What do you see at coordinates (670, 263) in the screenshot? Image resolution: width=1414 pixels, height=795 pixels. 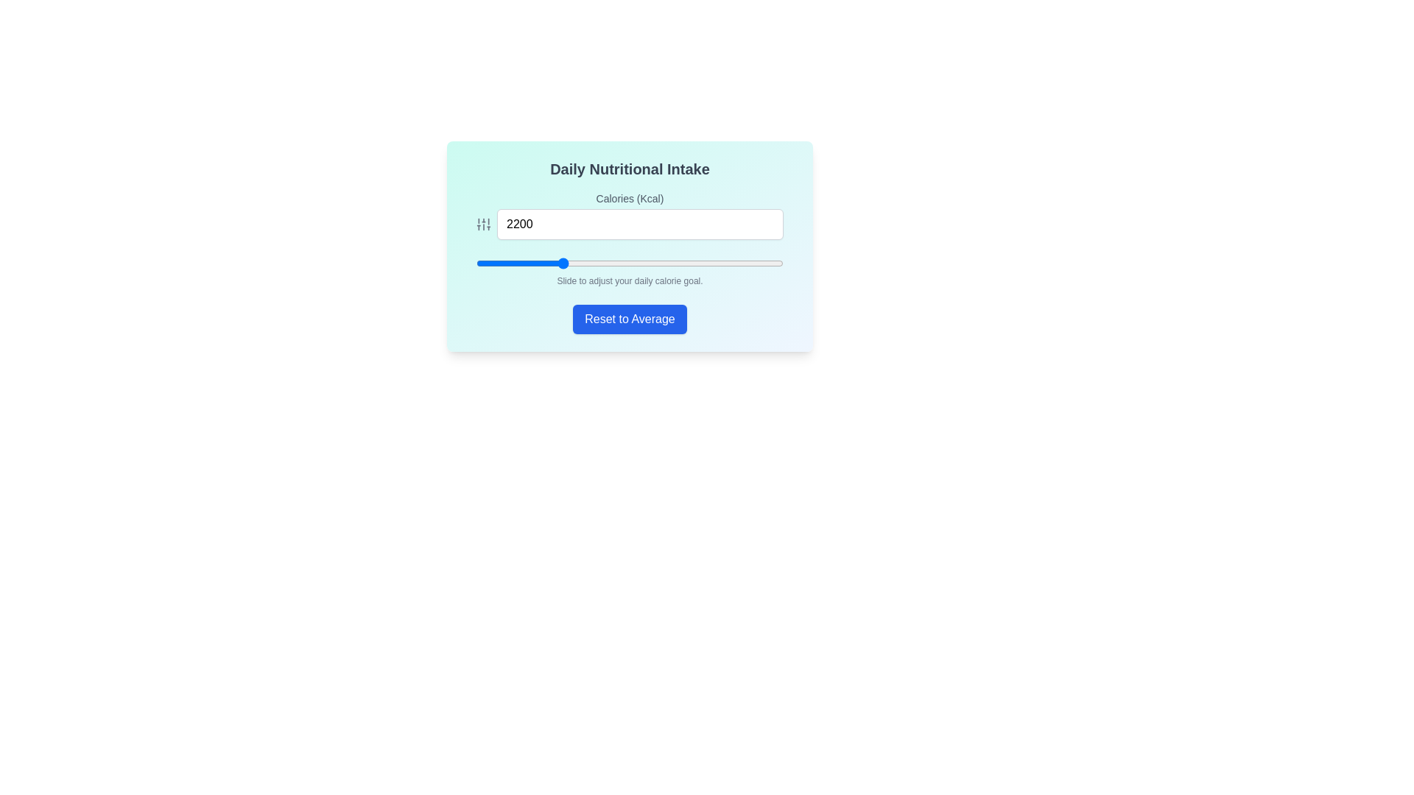 I see `the calorie goal` at bounding box center [670, 263].